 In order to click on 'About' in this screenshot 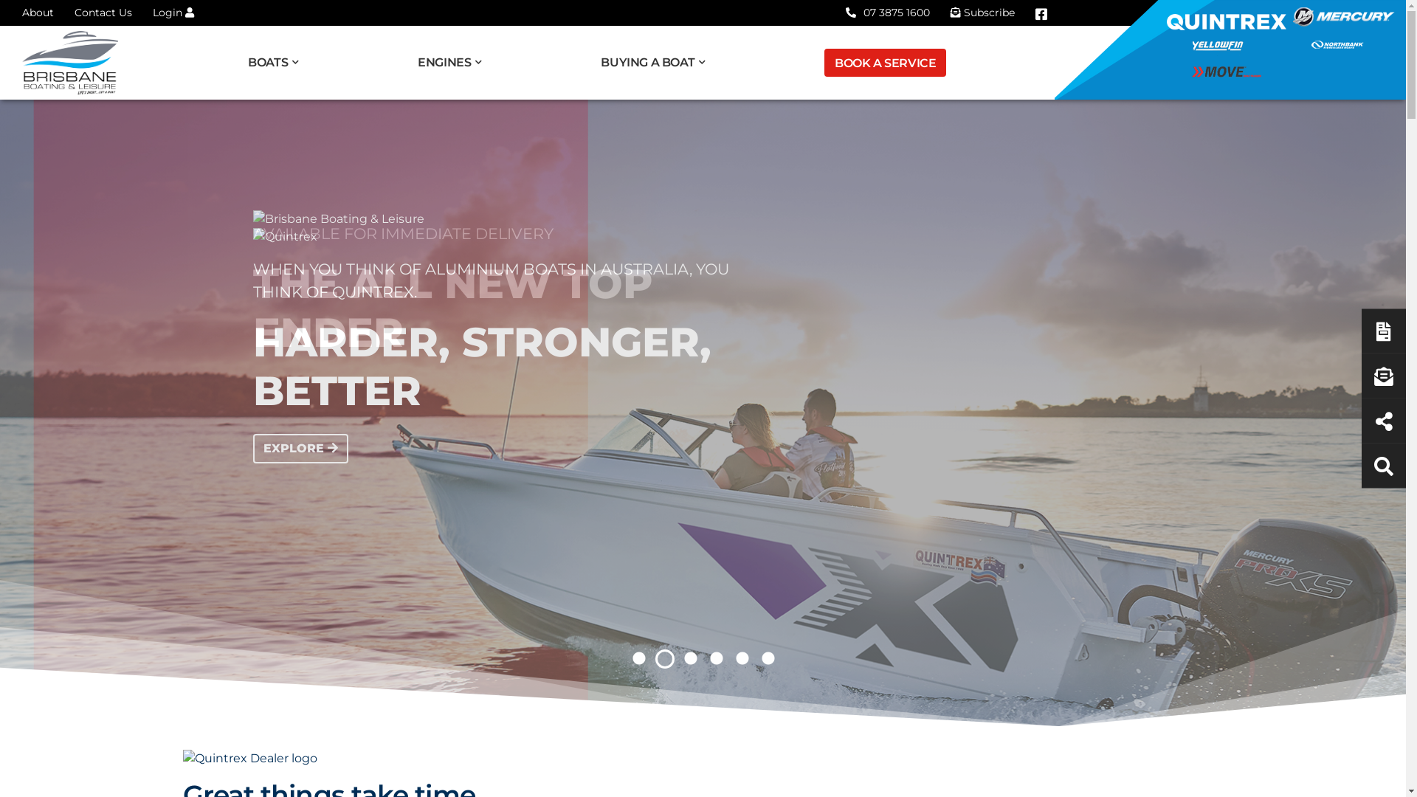, I will do `click(21, 12)`.